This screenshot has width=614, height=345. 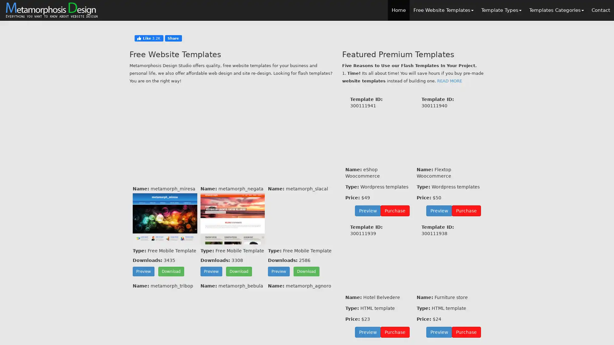 What do you see at coordinates (466, 332) in the screenshot?
I see `Purchase` at bounding box center [466, 332].